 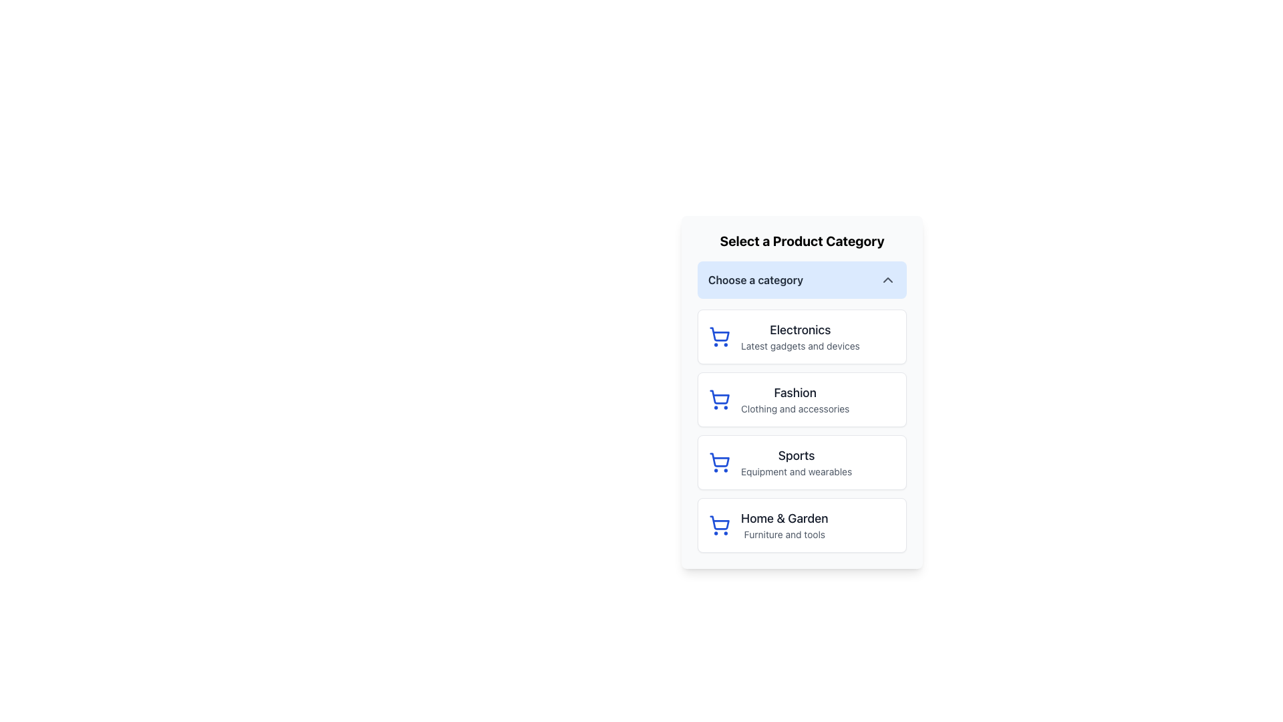 I want to click on the 'Home & Garden' label located, so click(x=785, y=517).